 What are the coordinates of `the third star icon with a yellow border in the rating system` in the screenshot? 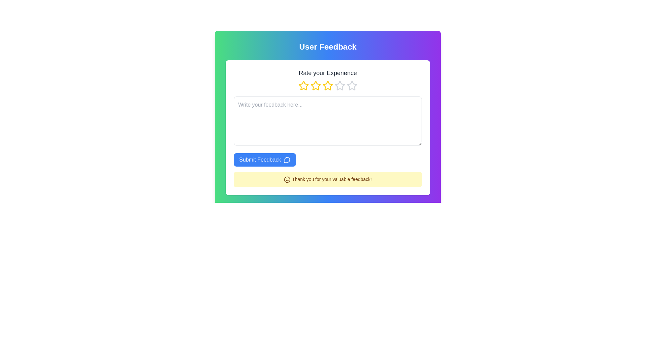 It's located at (328, 85).